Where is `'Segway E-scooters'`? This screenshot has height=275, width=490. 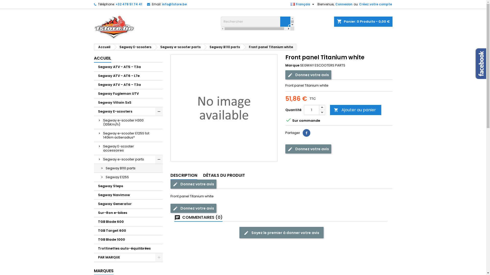
'Segway E-scooters' is located at coordinates (134, 47).